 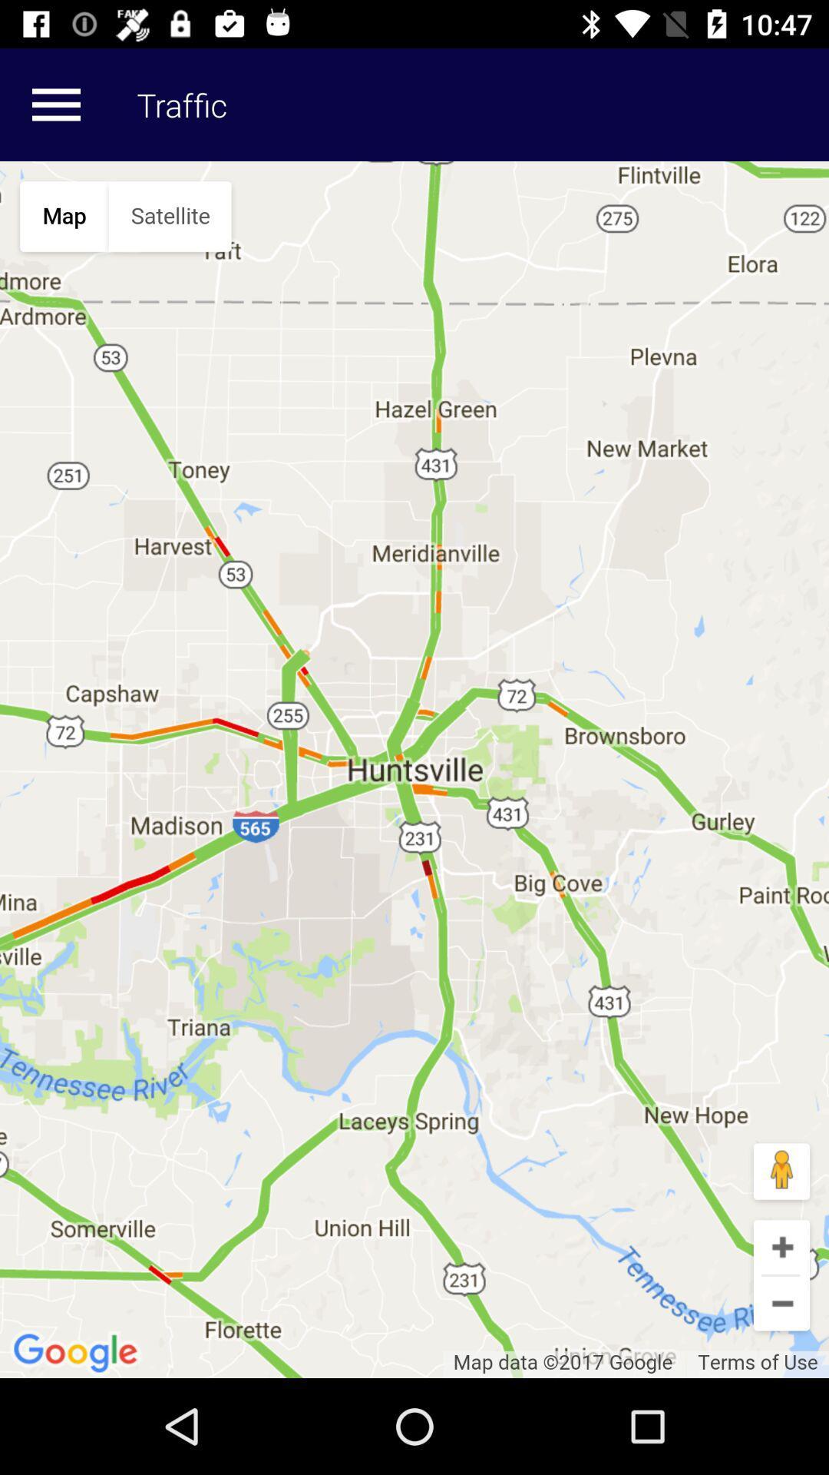 I want to click on advertisement page, so click(x=414, y=770).